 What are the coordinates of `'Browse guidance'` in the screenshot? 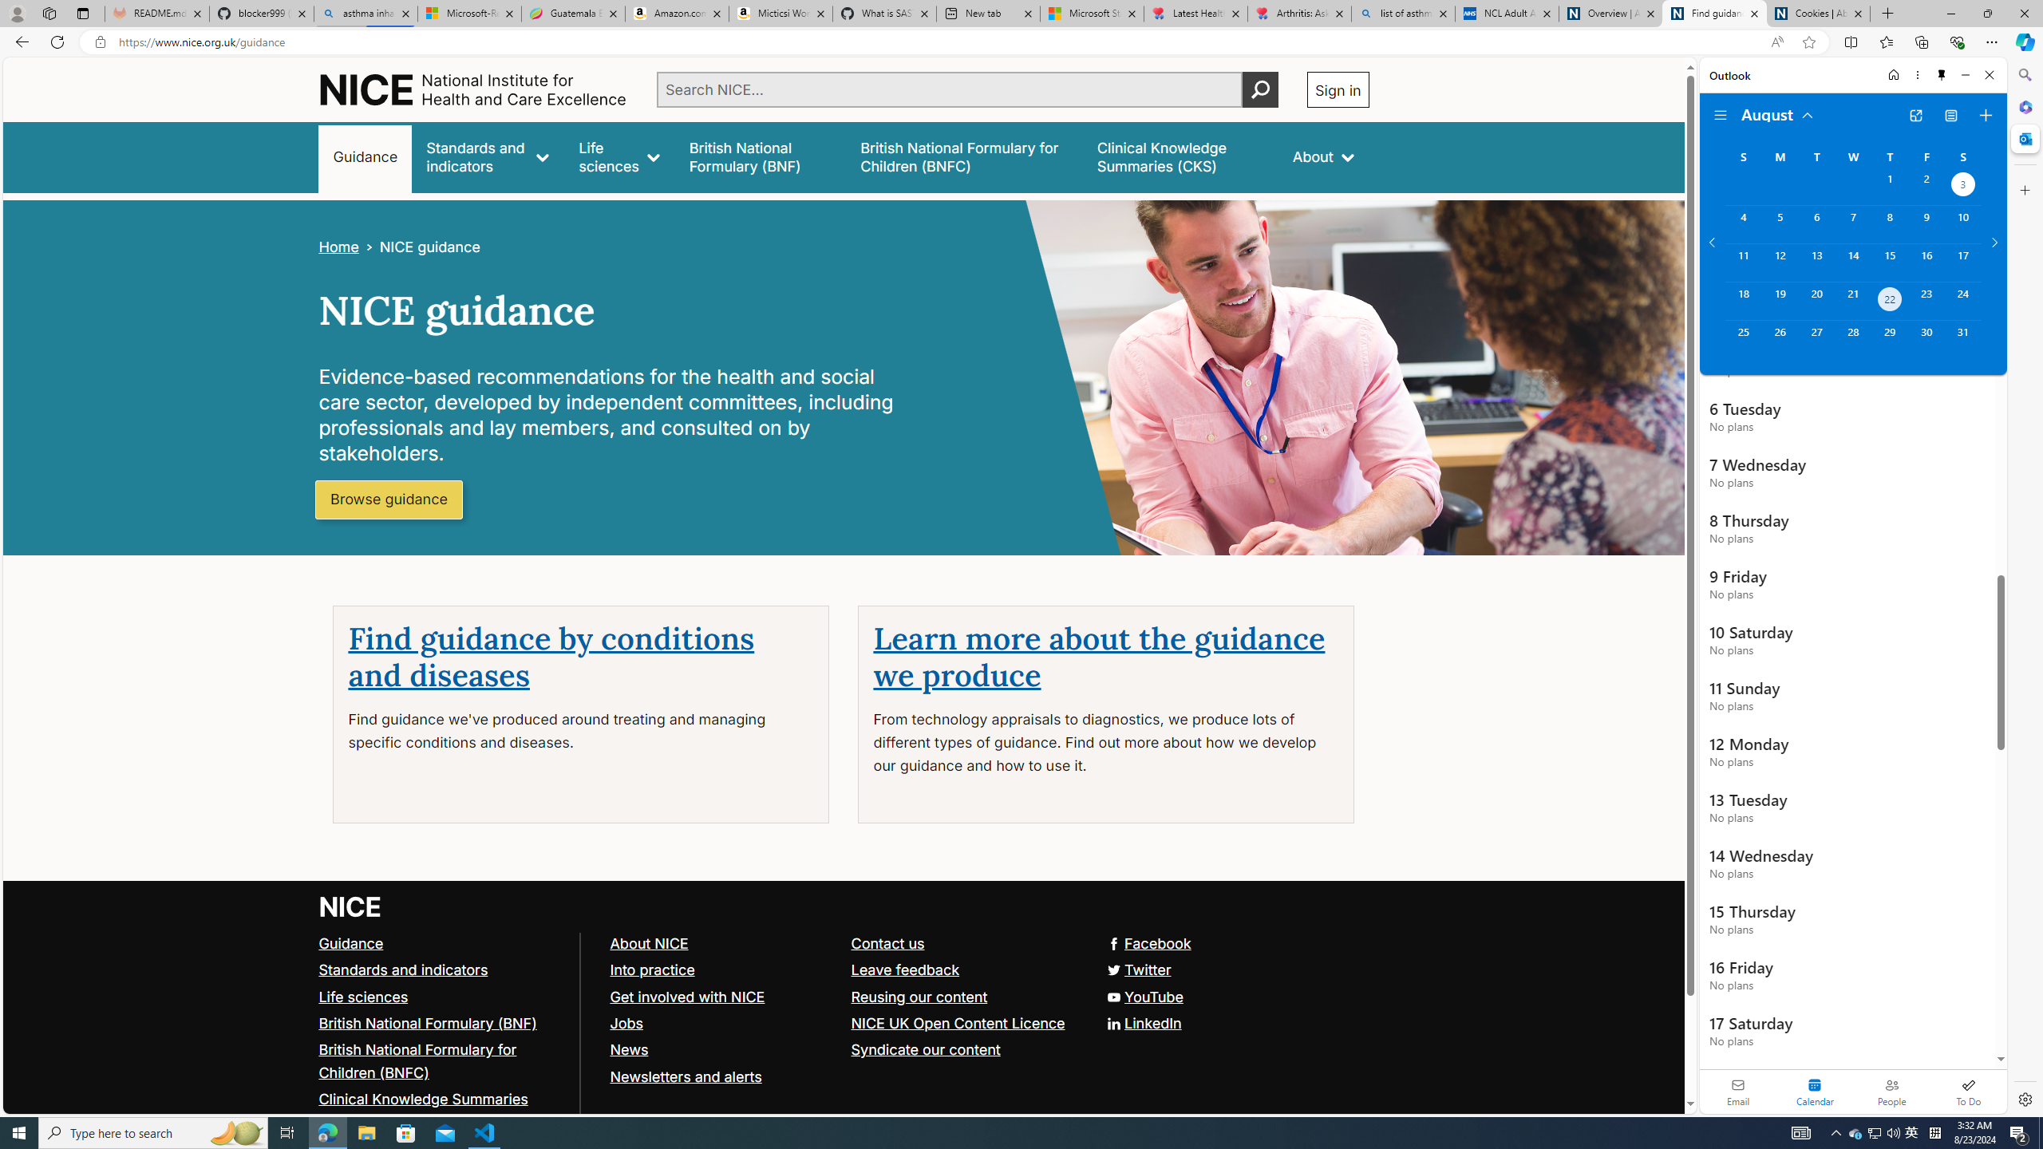 It's located at (388, 500).